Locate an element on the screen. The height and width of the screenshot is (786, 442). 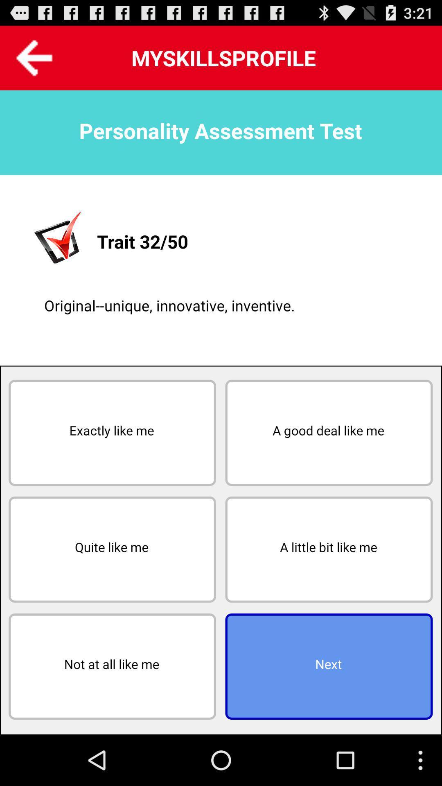
button to the left of the next button is located at coordinates (112, 666).